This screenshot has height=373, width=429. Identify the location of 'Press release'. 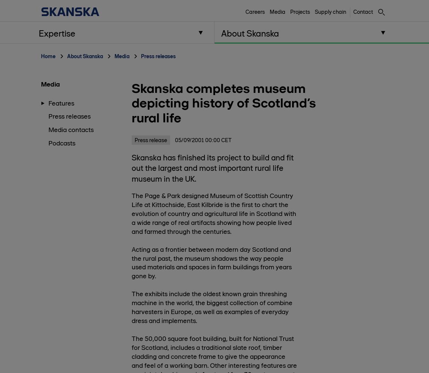
(150, 140).